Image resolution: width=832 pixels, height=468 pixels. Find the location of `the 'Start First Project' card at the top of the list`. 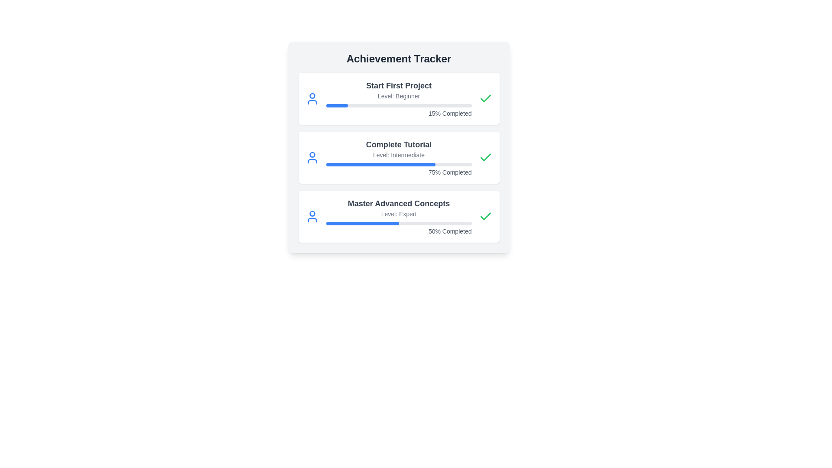

the 'Start First Project' card at the top of the list is located at coordinates (398, 98).